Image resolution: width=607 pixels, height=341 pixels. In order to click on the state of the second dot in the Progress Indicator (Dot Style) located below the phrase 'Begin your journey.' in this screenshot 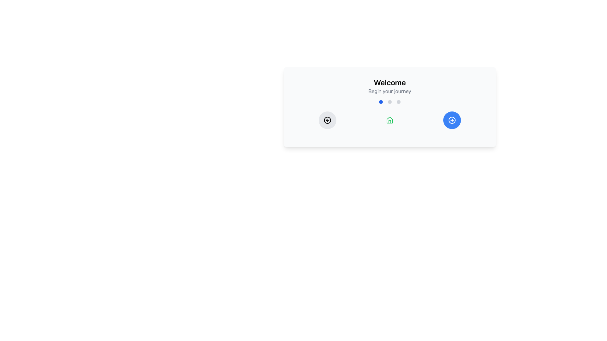, I will do `click(389, 102)`.